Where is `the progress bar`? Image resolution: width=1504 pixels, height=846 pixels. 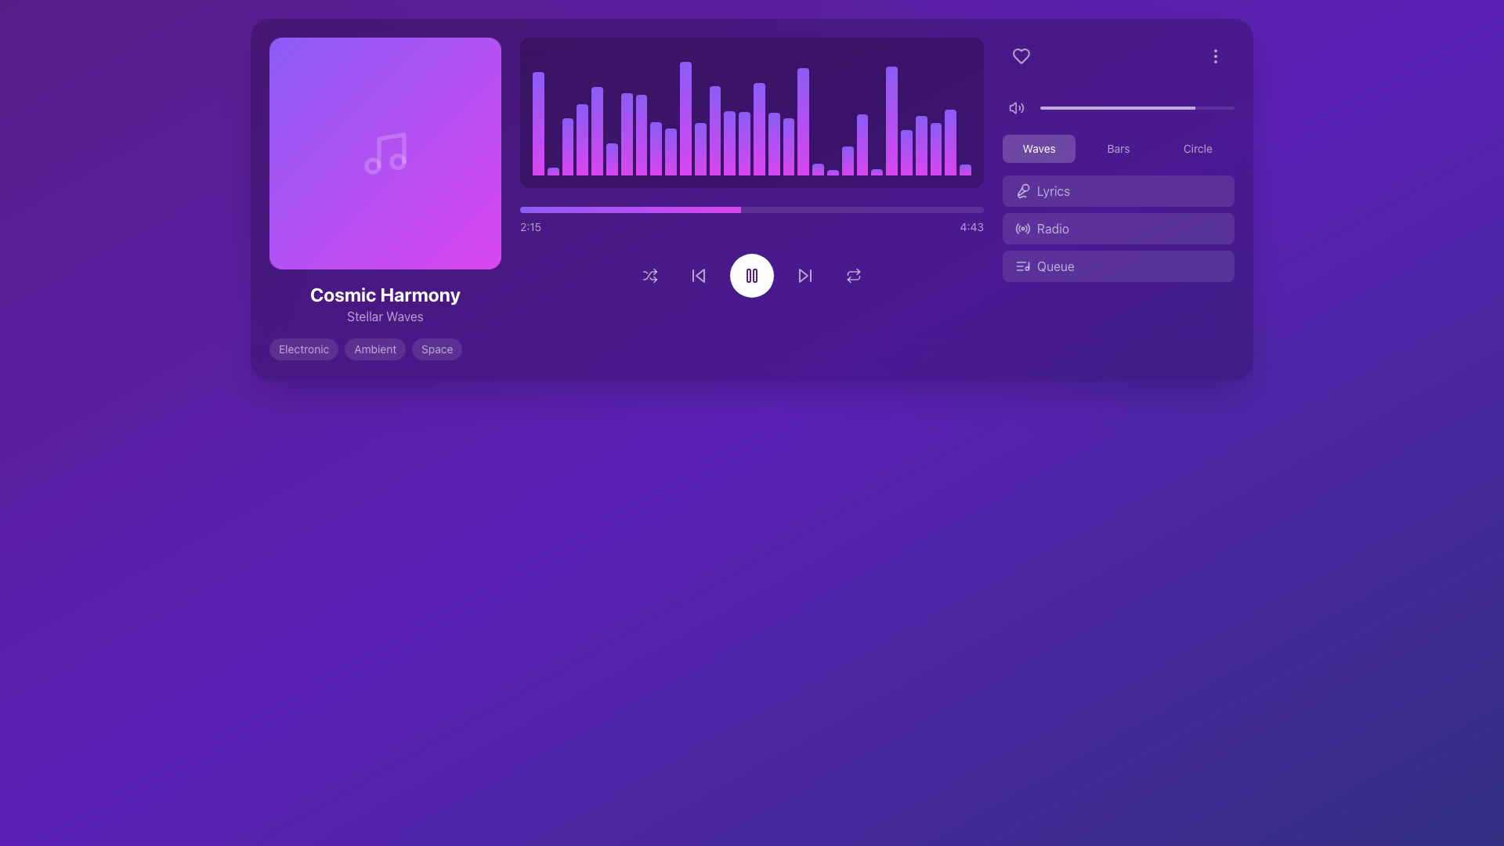
the progress bar is located at coordinates (862, 208).